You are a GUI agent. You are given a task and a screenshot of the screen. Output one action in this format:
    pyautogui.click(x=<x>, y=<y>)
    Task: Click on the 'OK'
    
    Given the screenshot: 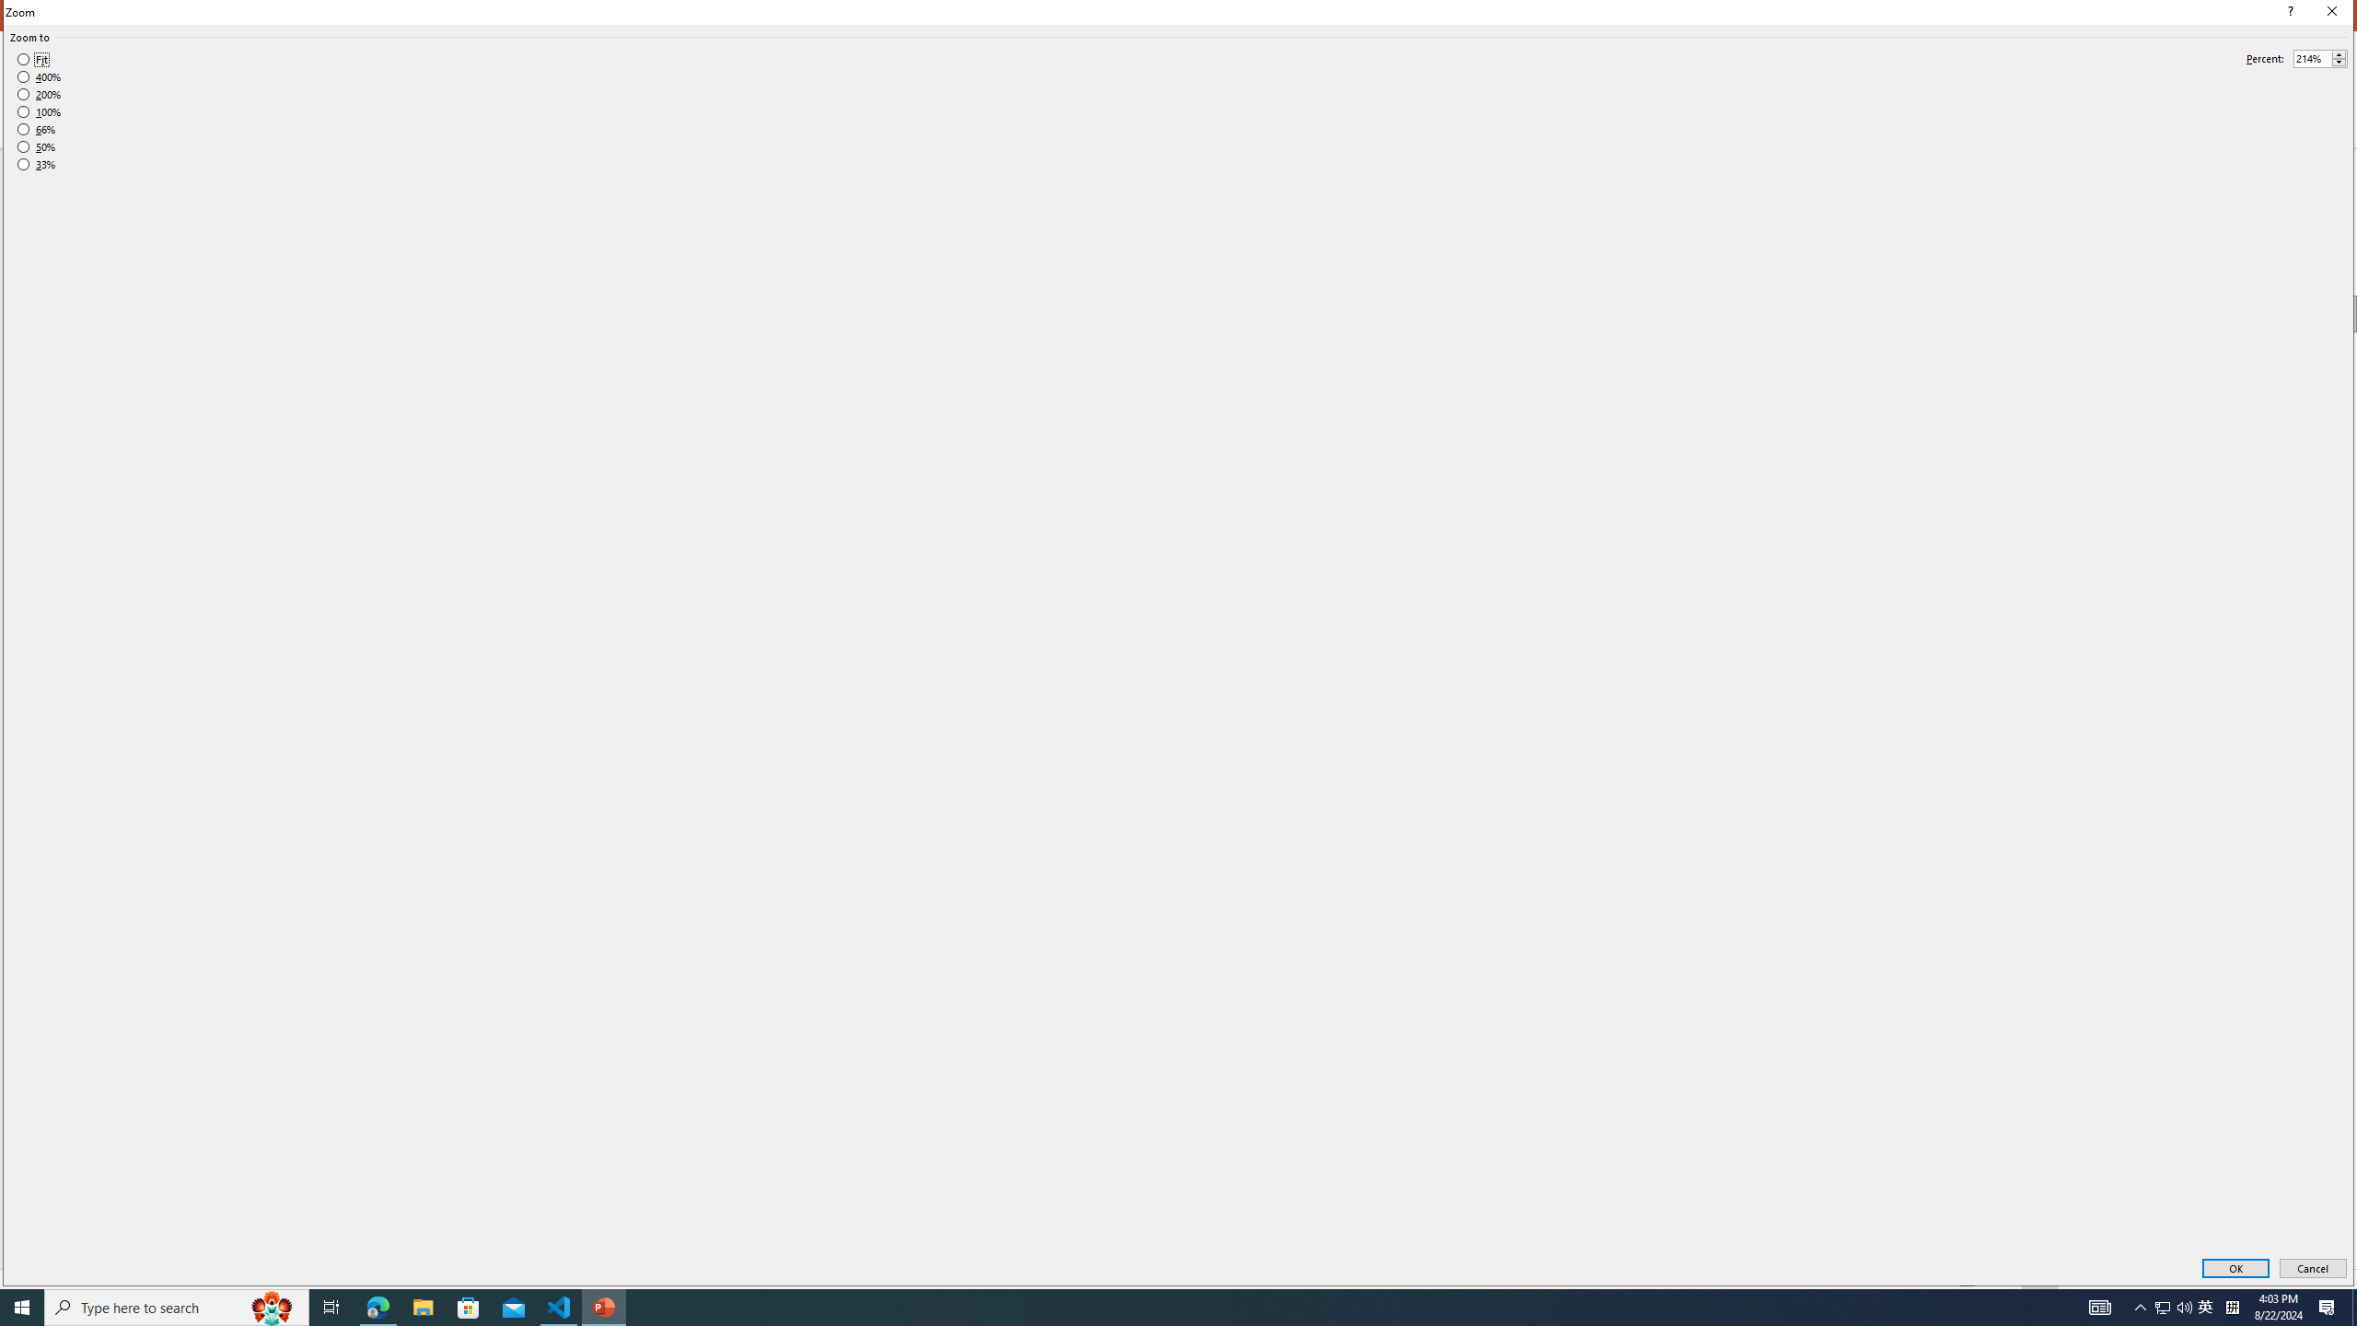 What is the action you would take?
    pyautogui.click(x=2235, y=1269)
    